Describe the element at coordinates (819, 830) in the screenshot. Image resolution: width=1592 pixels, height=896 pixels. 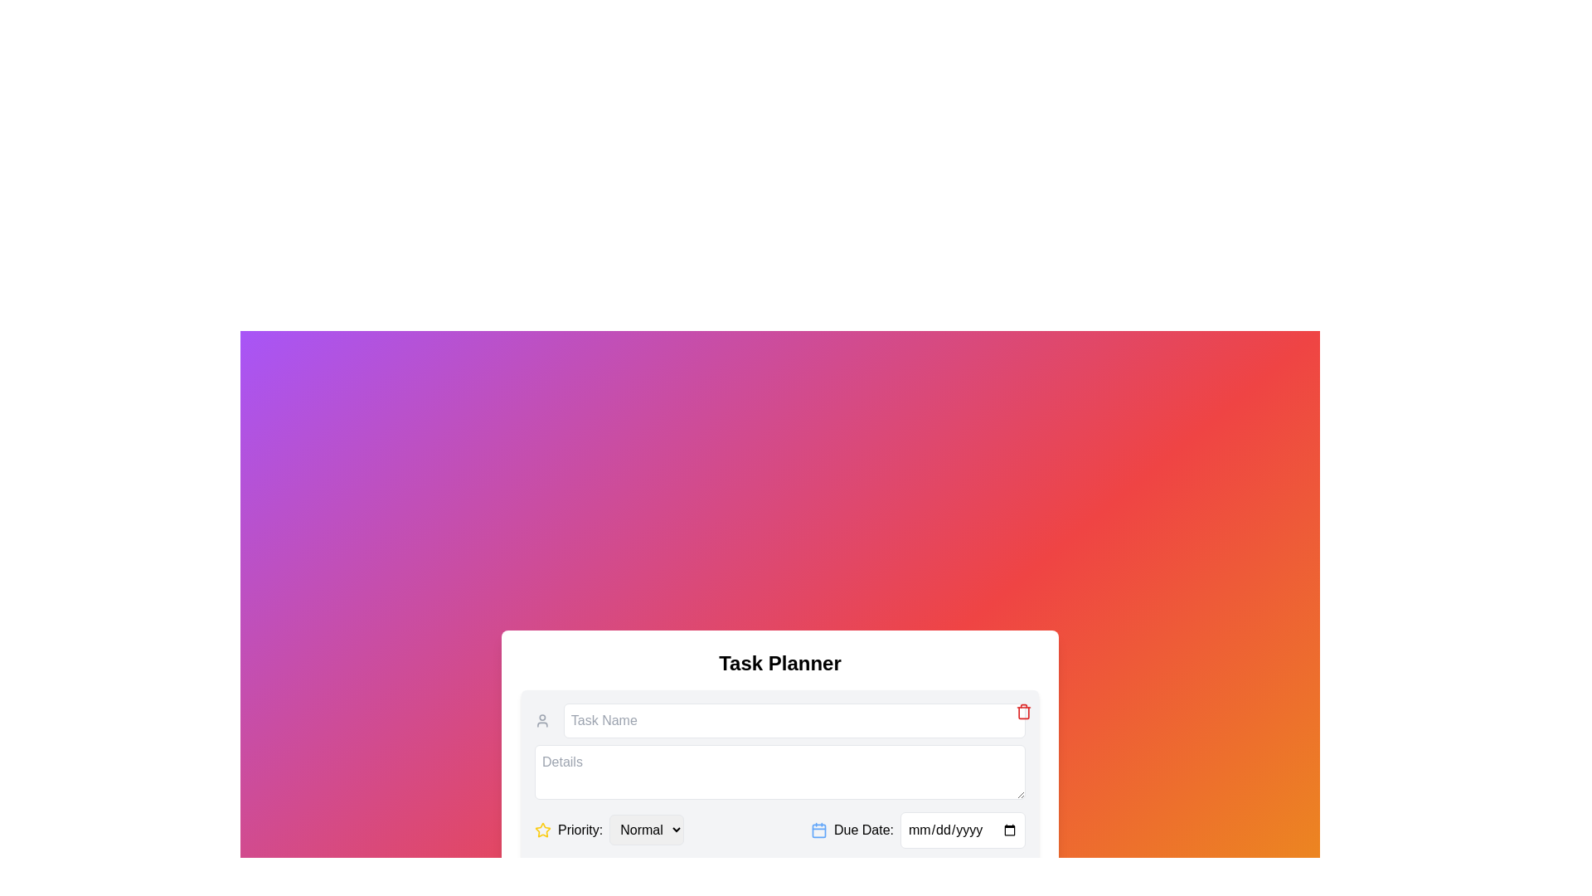
I see `the rectangular calendar icon component located at the bottom right of the task planner form, next to the 'Due Date' input field` at that location.